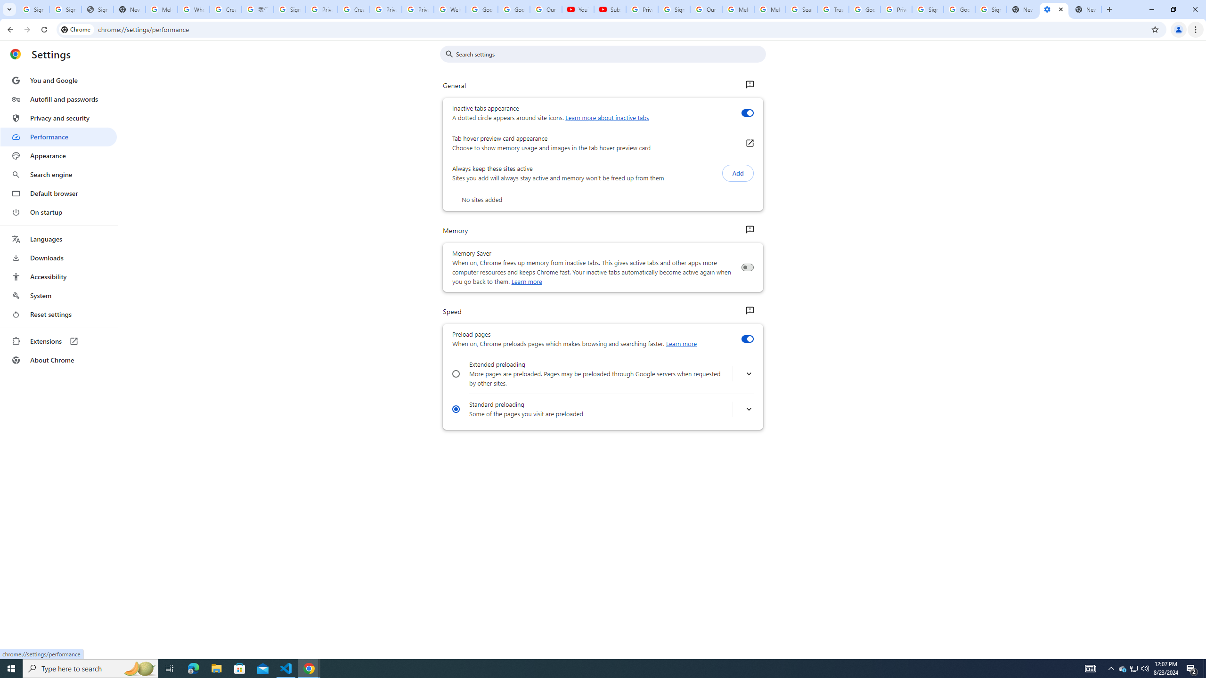  Describe the element at coordinates (58, 81) in the screenshot. I see `'You and Google'` at that location.